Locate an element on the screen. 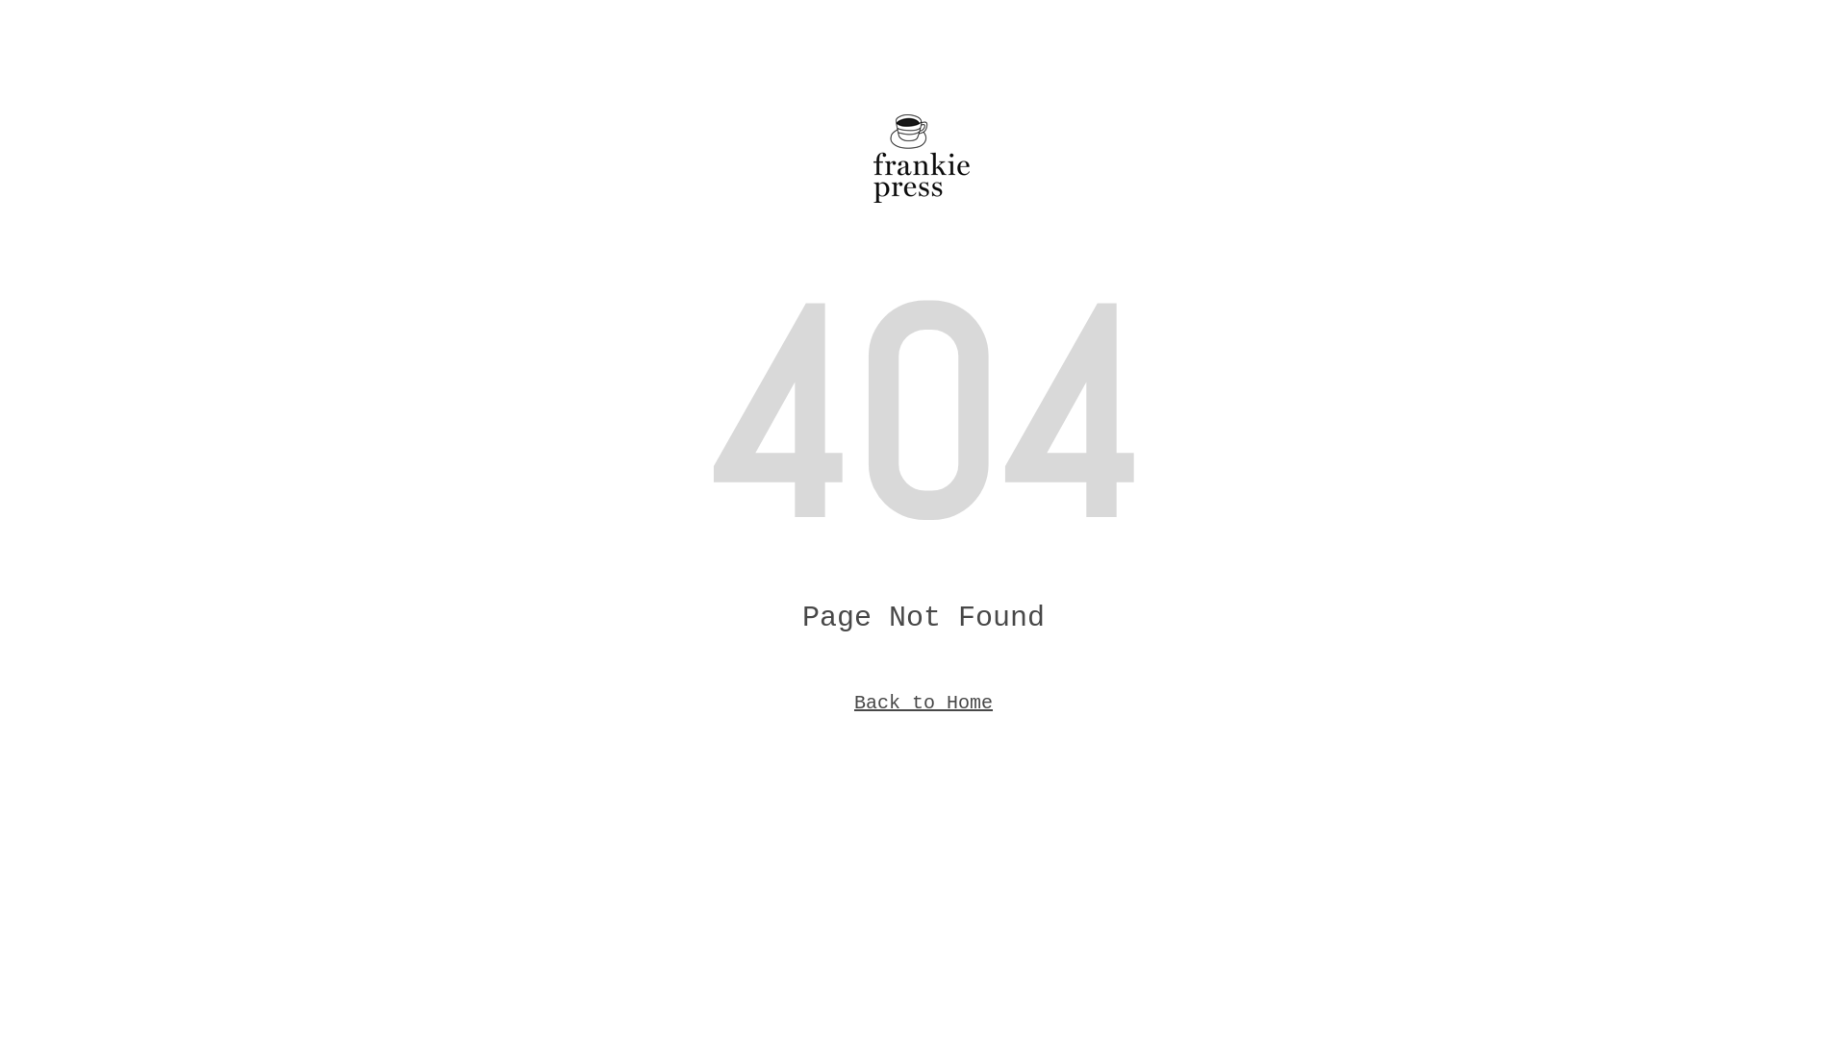 The image size is (1847, 1038). 'Back to Home' is located at coordinates (923, 703).